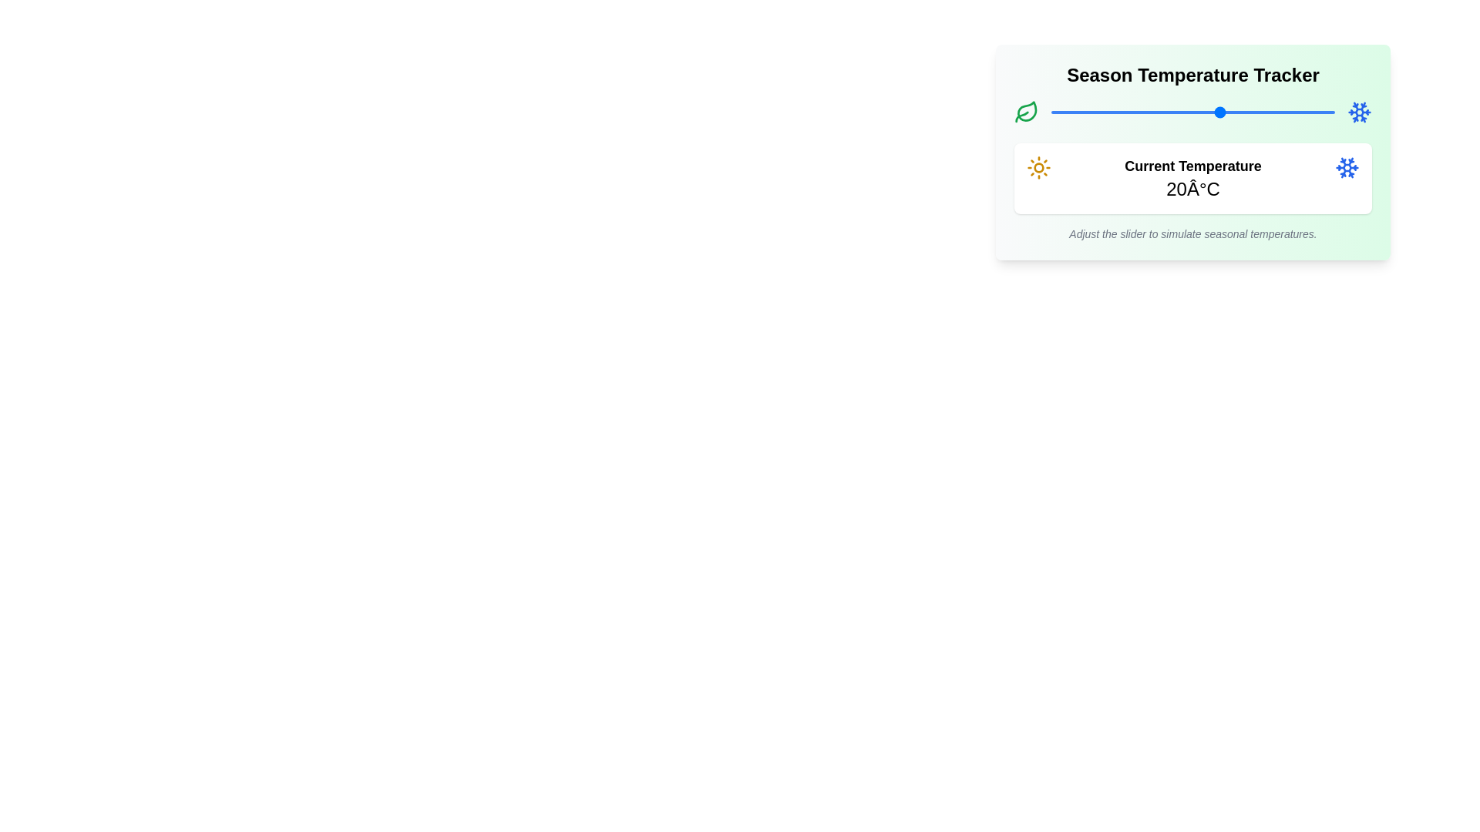 This screenshot has width=1480, height=832. What do you see at coordinates (1142, 112) in the screenshot?
I see `the slider to set the temperature to 6°C` at bounding box center [1142, 112].